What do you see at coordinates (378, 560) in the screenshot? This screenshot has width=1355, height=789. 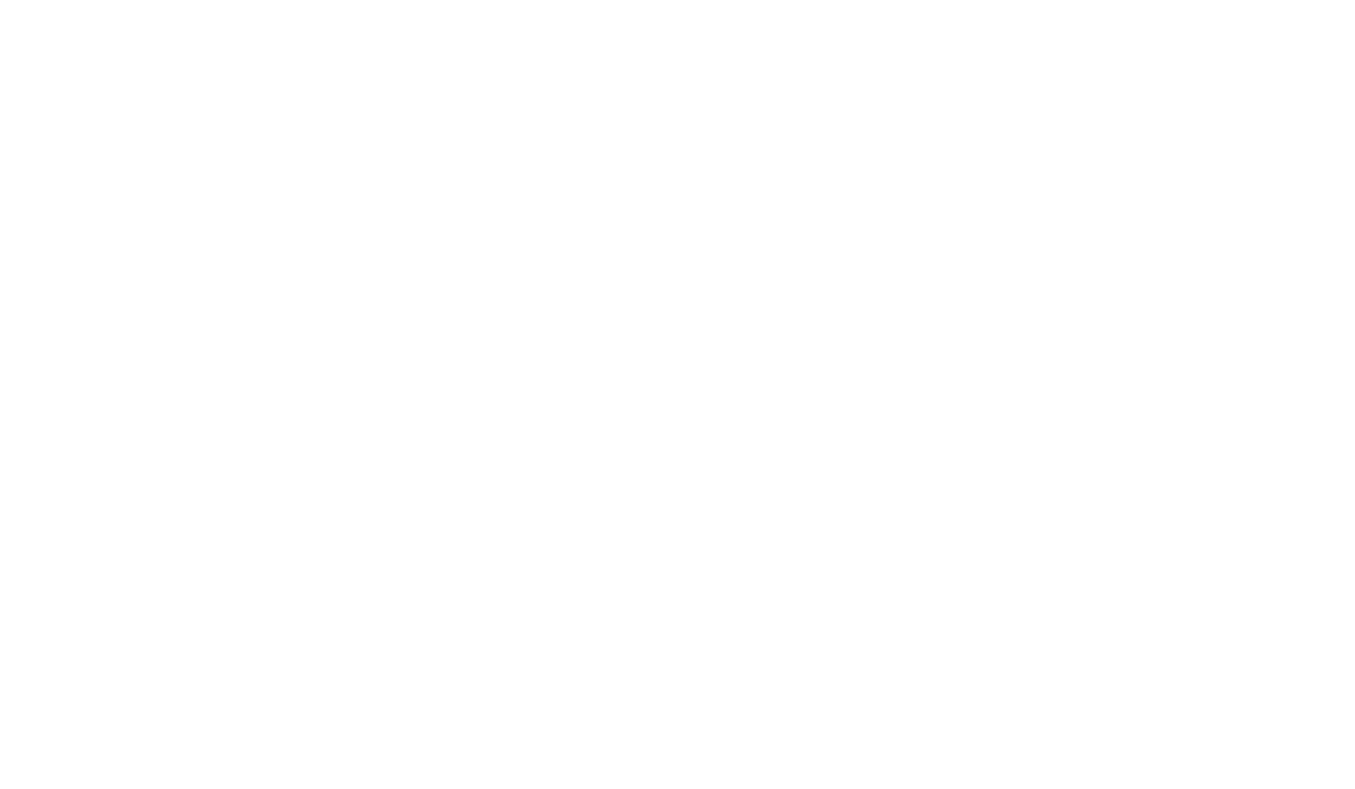 I see `'Challenges are just opportunities in disguise.'` at bounding box center [378, 560].